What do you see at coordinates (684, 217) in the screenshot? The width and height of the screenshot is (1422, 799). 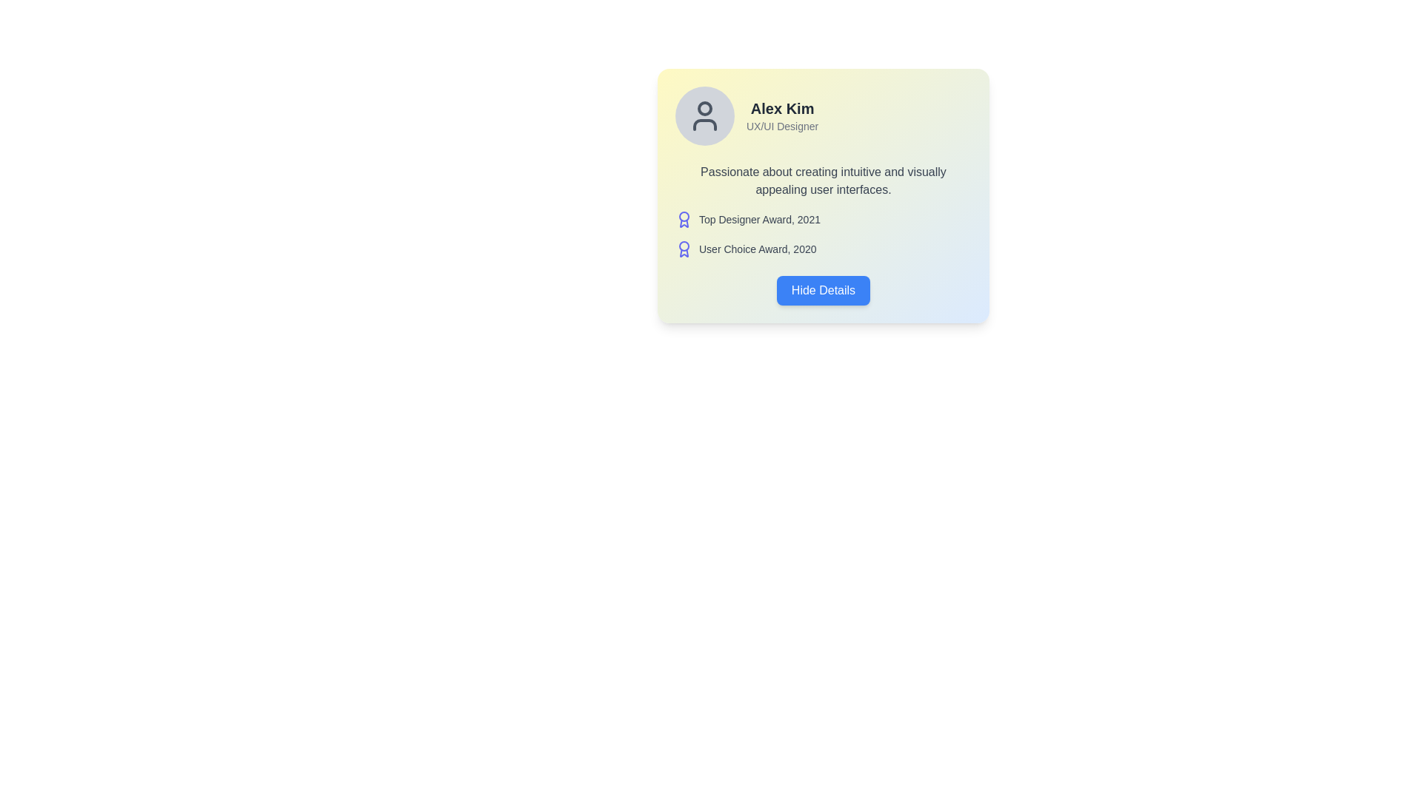 I see `the circular component at the top of the award icon, which is part of a medal or badge representation` at bounding box center [684, 217].